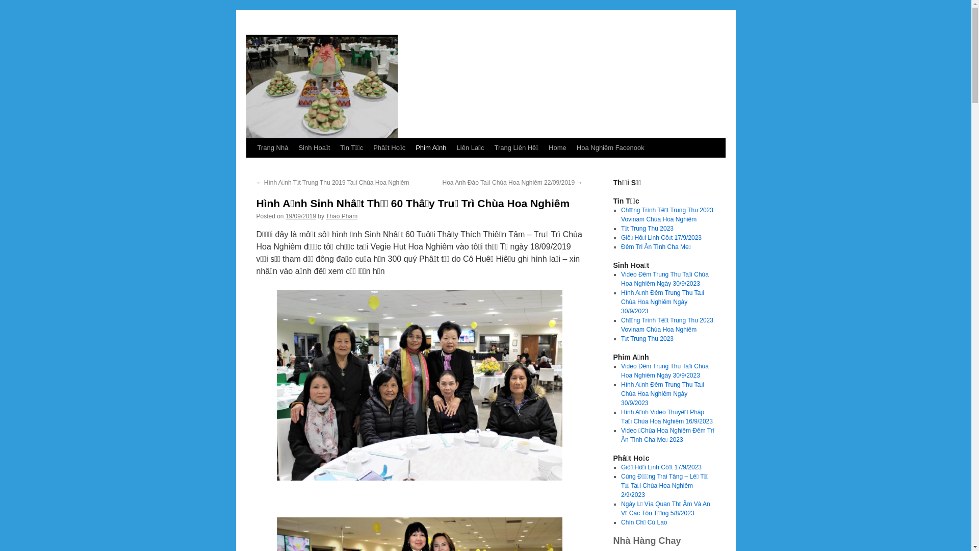  Describe the element at coordinates (557, 147) in the screenshot. I see `'Home'` at that location.